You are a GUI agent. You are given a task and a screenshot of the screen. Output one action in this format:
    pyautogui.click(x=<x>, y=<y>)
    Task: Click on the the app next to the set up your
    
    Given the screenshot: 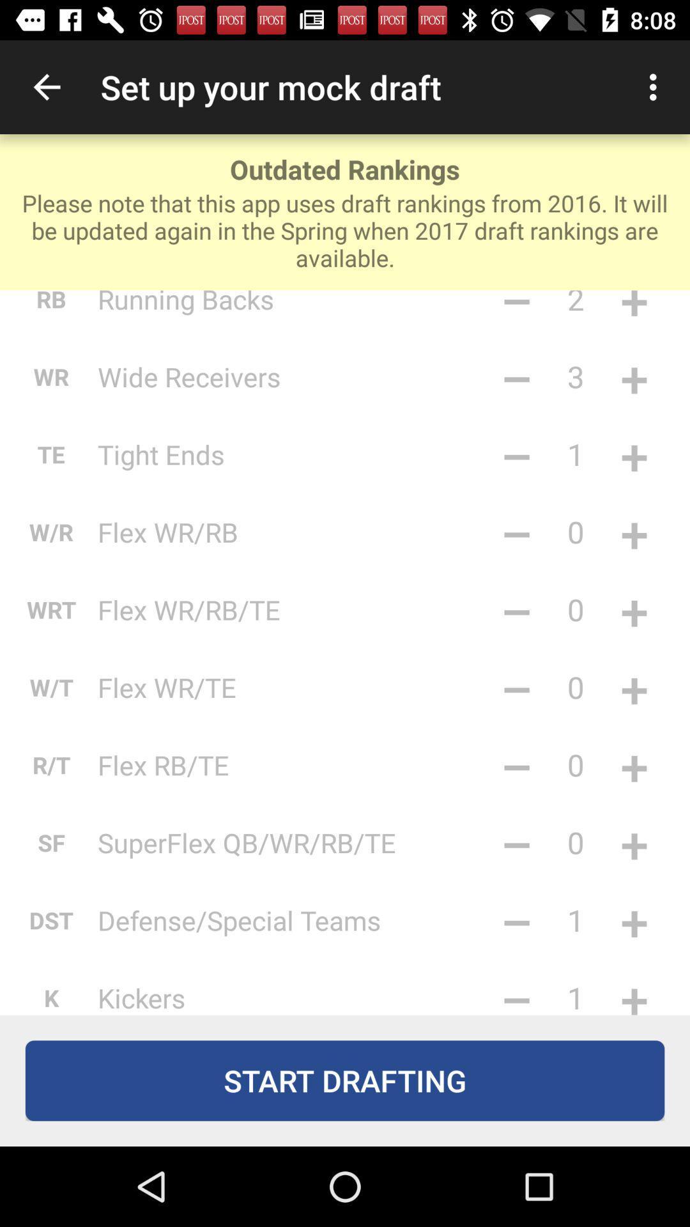 What is the action you would take?
    pyautogui.click(x=46, y=86)
    